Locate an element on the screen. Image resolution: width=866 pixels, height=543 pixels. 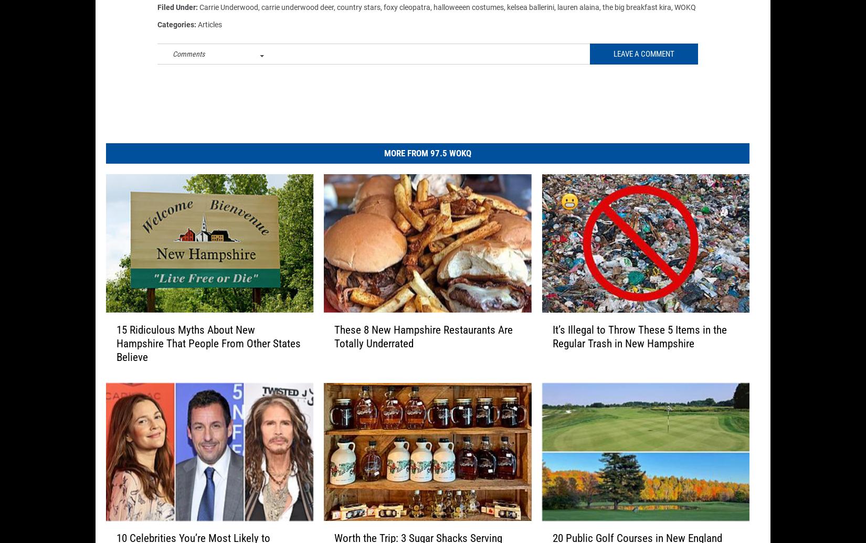
'It’s Illegal to Throw These 5 Items in the Regular Trash in New Hampshire' is located at coordinates (639, 343).